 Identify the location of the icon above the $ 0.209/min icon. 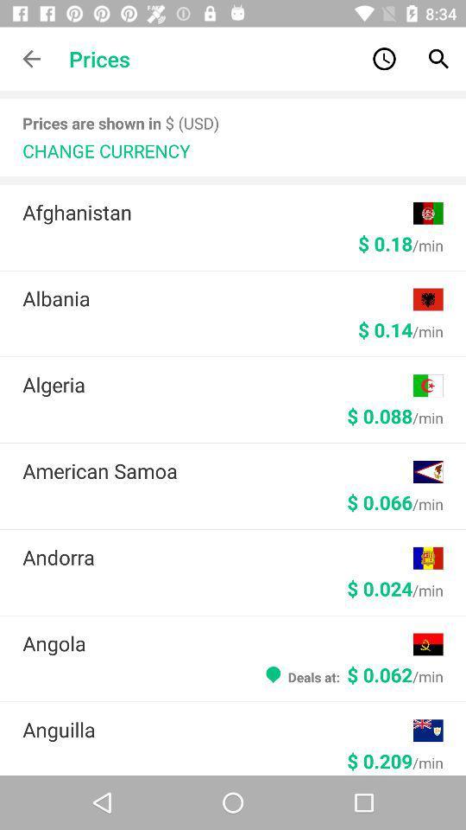
(217, 728).